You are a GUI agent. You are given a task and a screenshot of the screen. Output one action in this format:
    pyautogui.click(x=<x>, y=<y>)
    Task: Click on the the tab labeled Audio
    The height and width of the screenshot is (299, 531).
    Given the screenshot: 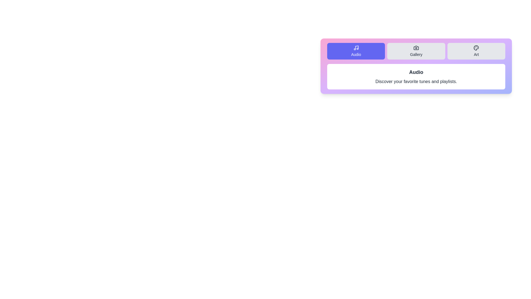 What is the action you would take?
    pyautogui.click(x=356, y=51)
    